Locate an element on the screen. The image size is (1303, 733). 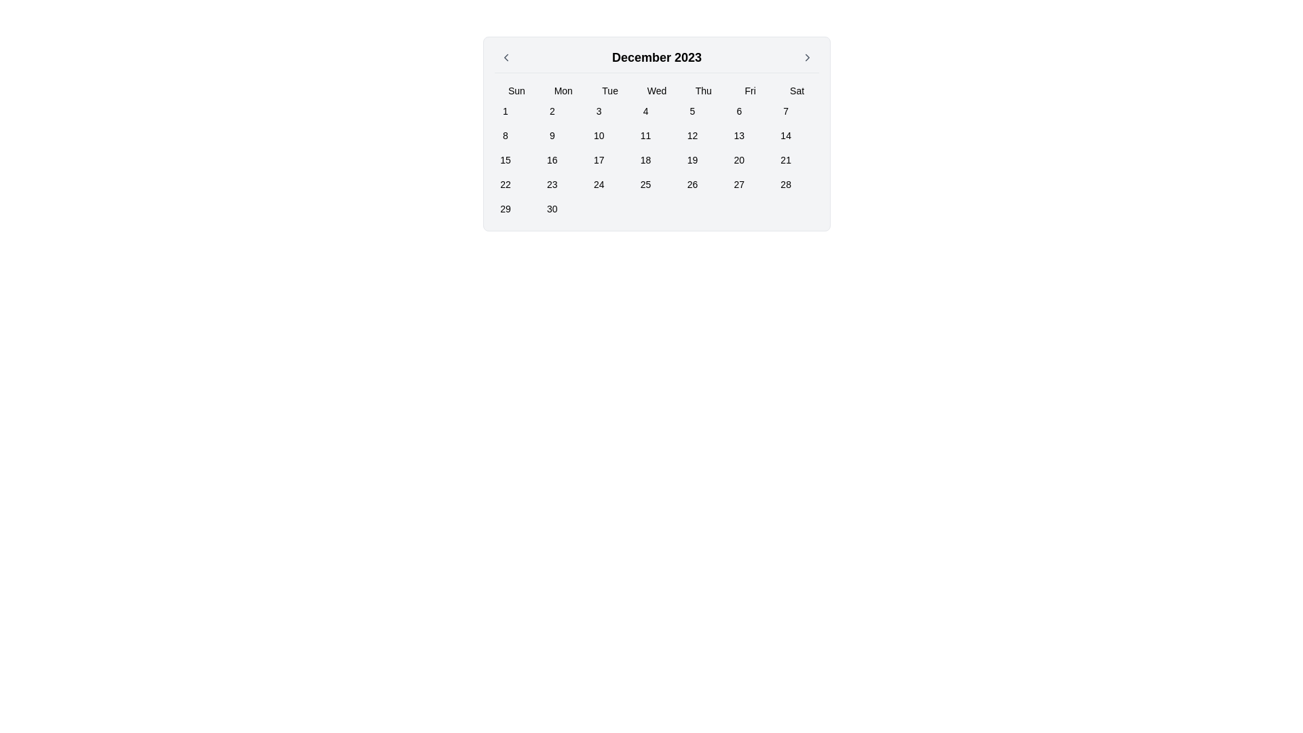
the calendar day cell displaying the number '3' located under the 'Tue' column is located at coordinates (598, 111).